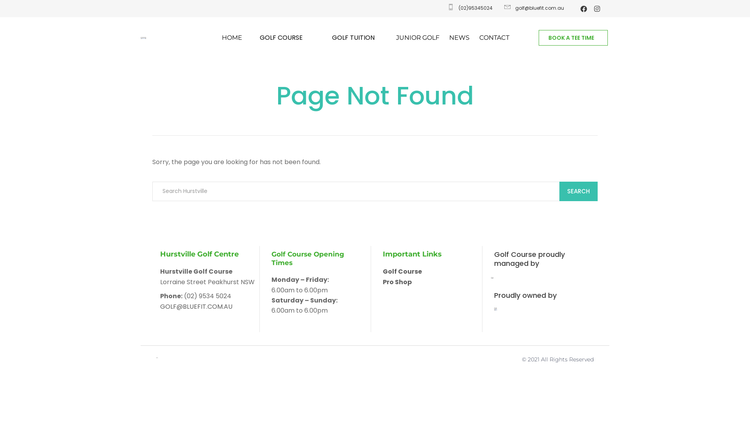 This screenshot has width=750, height=421. I want to click on 'golf@bluefit.com.au', so click(533, 8).